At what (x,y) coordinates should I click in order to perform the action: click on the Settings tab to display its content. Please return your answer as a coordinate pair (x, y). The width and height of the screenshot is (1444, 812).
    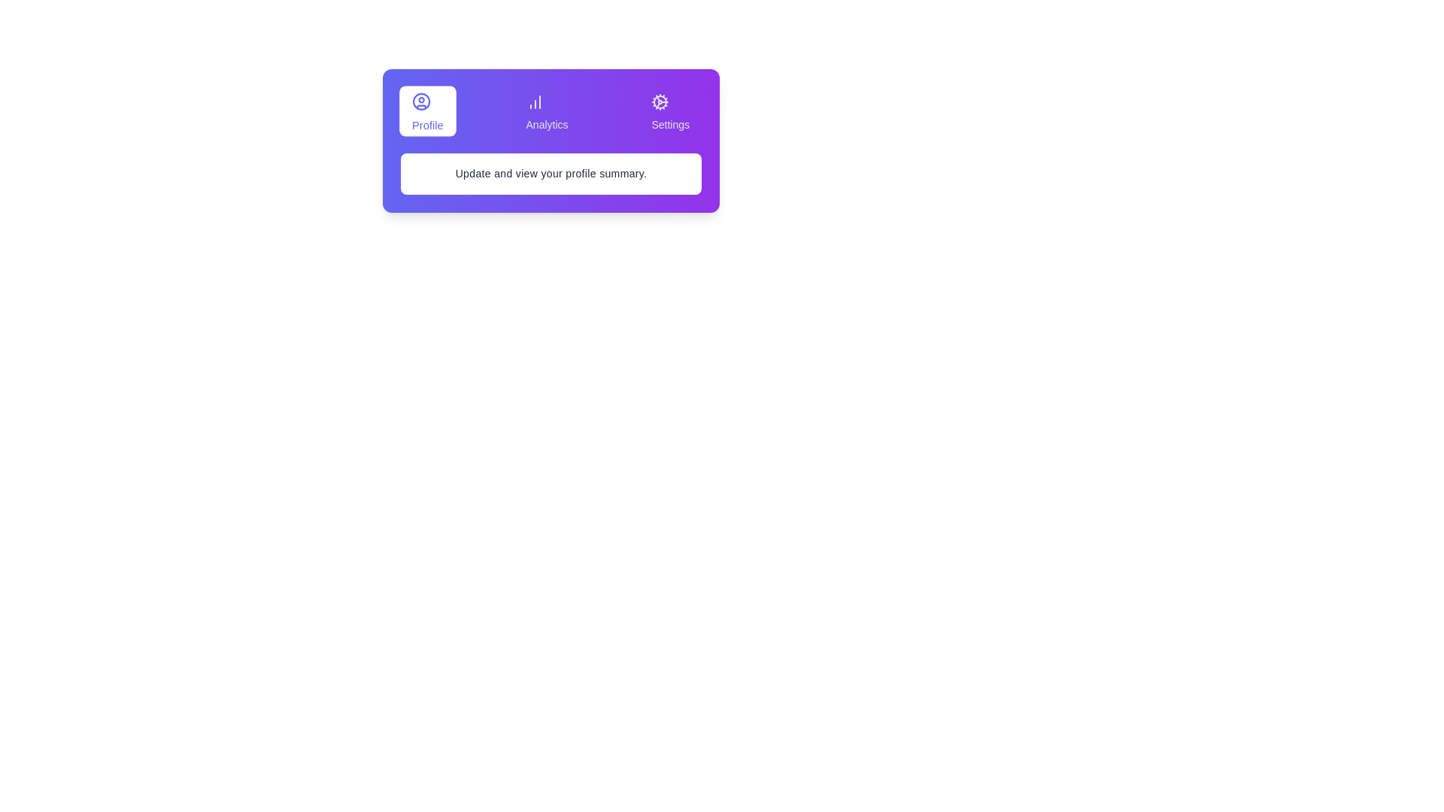
    Looking at the image, I should click on (669, 110).